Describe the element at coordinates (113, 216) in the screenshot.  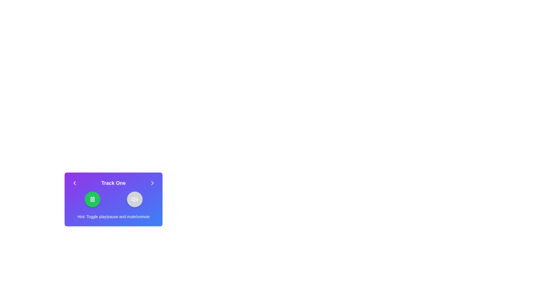
I see `the text label at the bottom of the card that provides hints for the playback controls (play/pause and mute/unmute)` at that location.